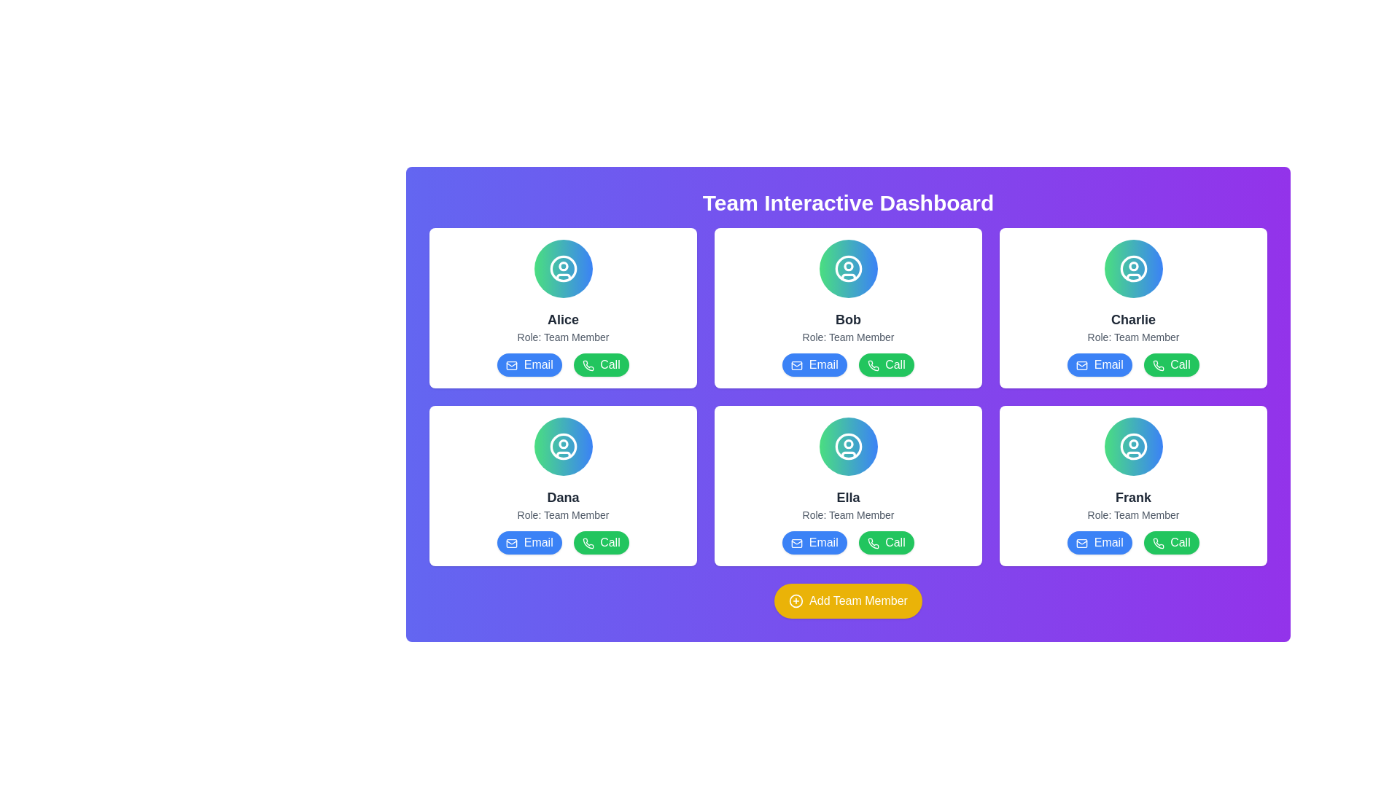 The height and width of the screenshot is (787, 1400). Describe the element at coordinates (796, 543) in the screenshot. I see `the 'Email' button which features a minimalist envelope icon within a blue button in the profile card for the user 'Ella'` at that location.